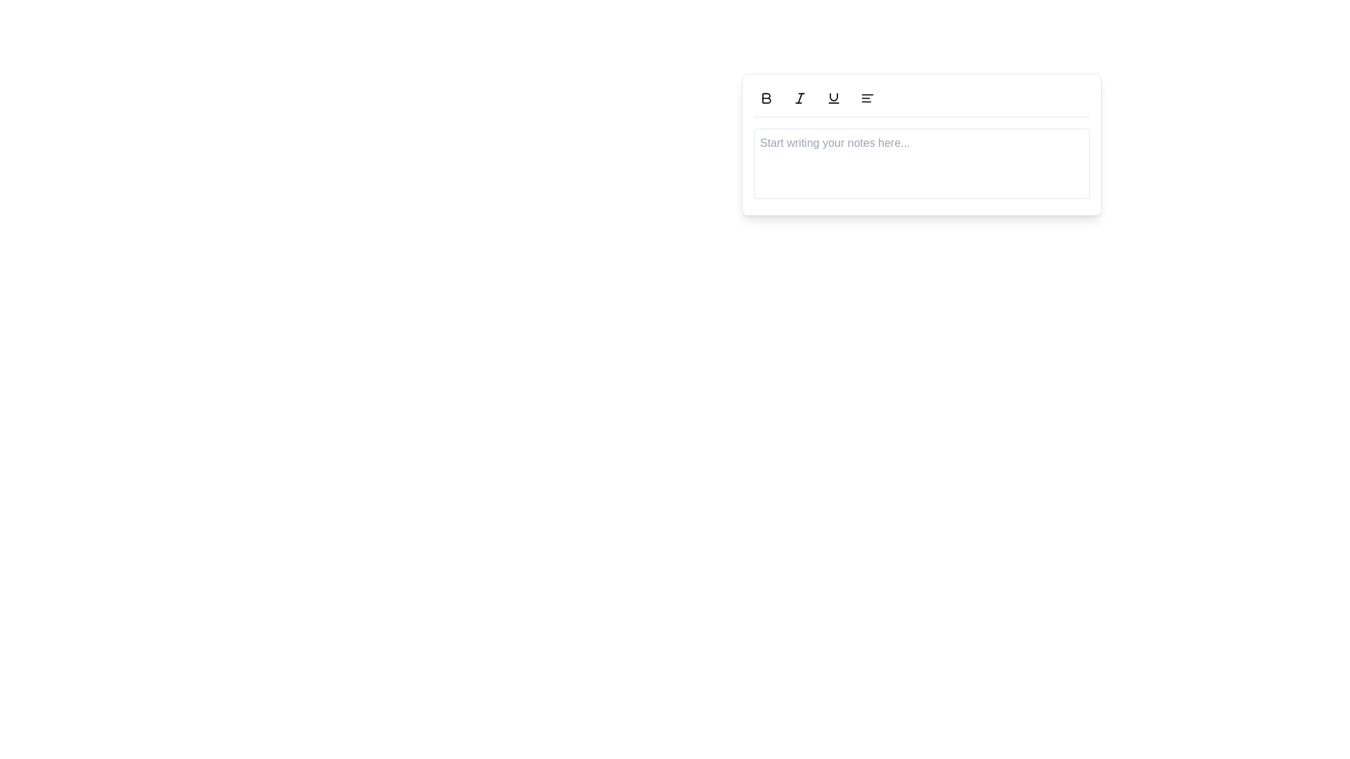 The width and height of the screenshot is (1350, 759). Describe the element at coordinates (765, 97) in the screenshot. I see `the bold formatting button, identifiable by its bold 'B' icon in the top-left corner of the note editor interface, to apply or remove bold formatting` at that location.